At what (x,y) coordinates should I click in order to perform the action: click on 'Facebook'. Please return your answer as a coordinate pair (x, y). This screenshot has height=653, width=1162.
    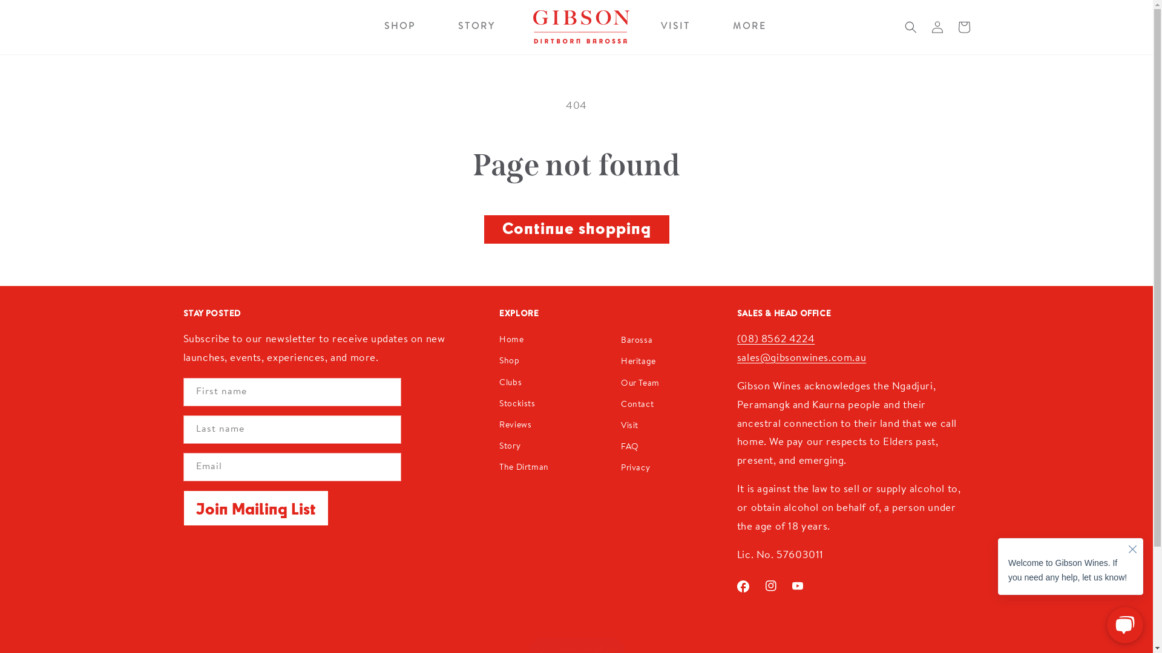
    Looking at the image, I should click on (743, 585).